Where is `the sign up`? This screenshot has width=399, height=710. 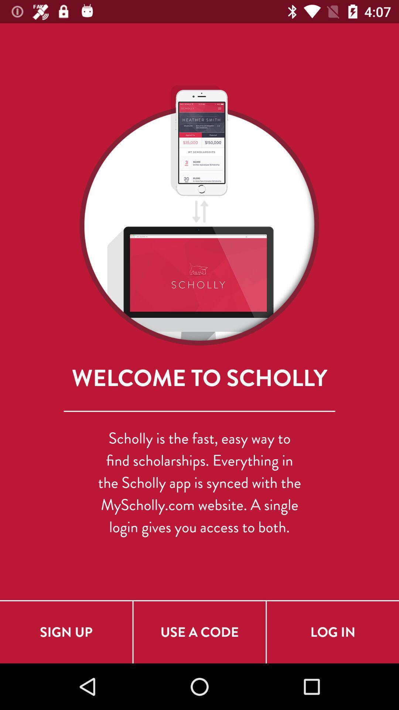
the sign up is located at coordinates (66, 632).